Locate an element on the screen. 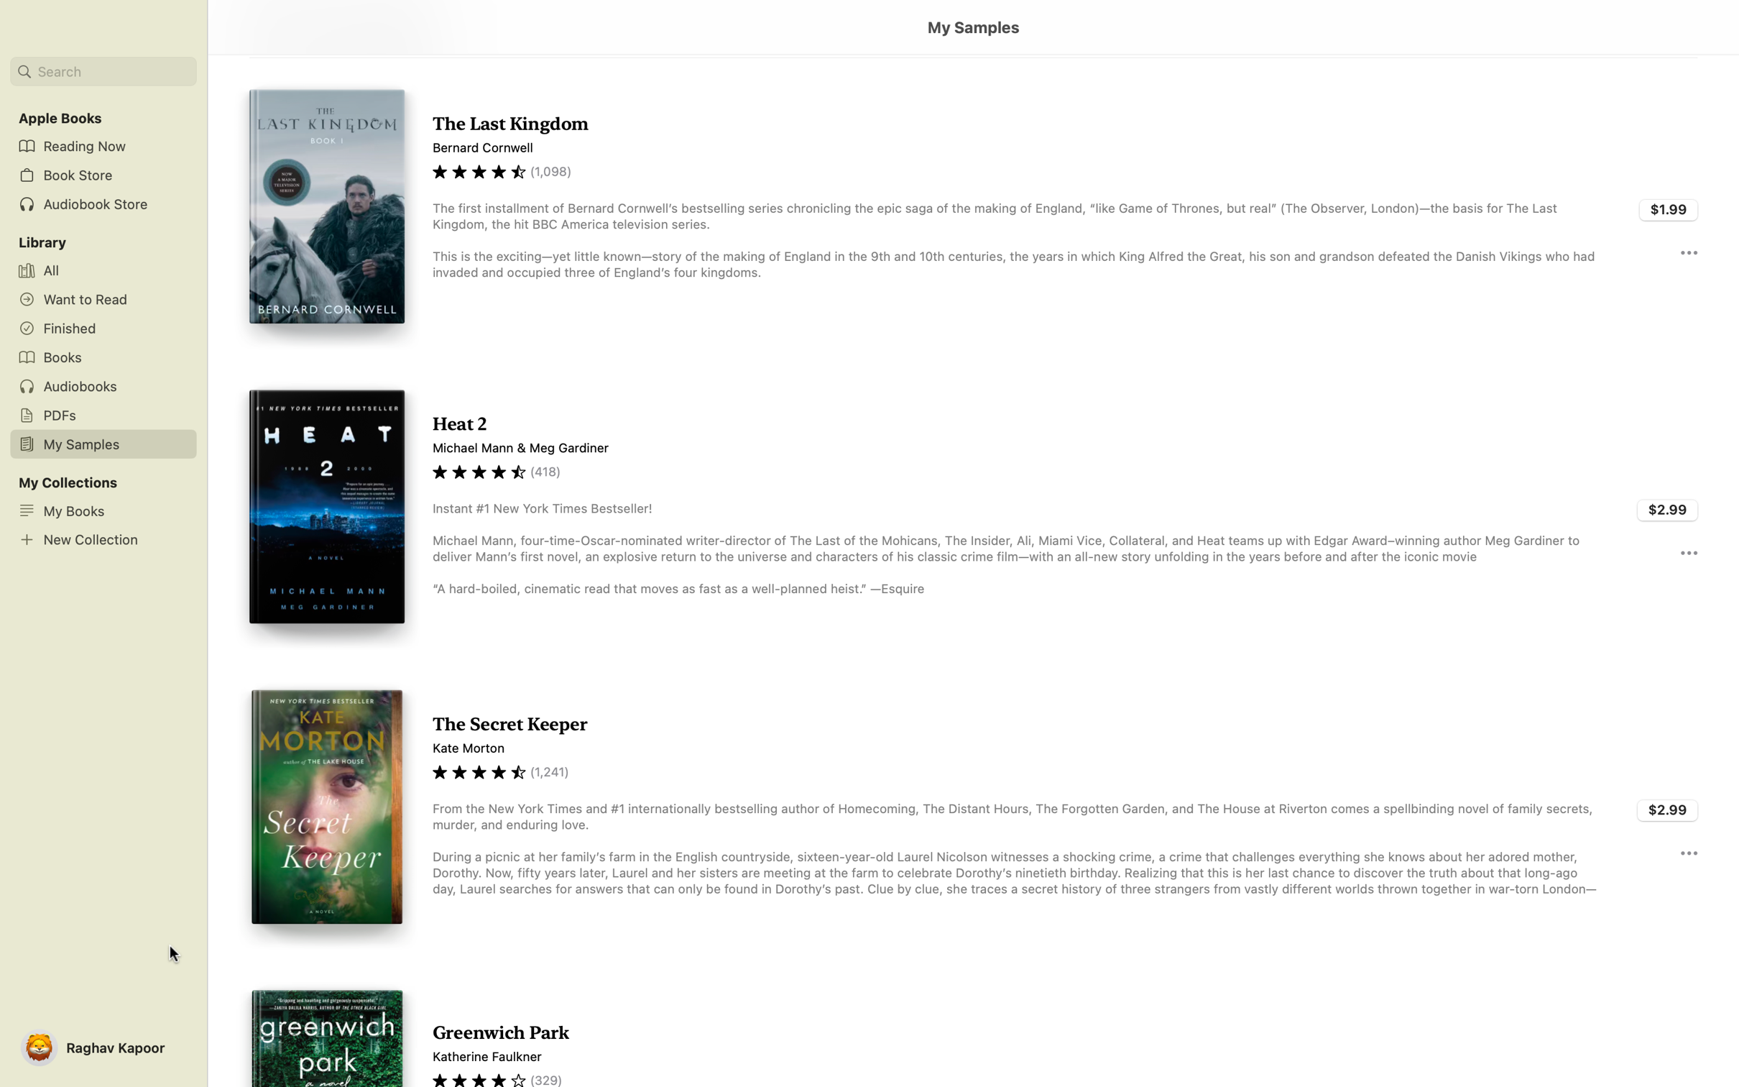 The image size is (1739, 1087). the three-dot menu for additional information on the book "Last Kingdom is located at coordinates (1687, 251).